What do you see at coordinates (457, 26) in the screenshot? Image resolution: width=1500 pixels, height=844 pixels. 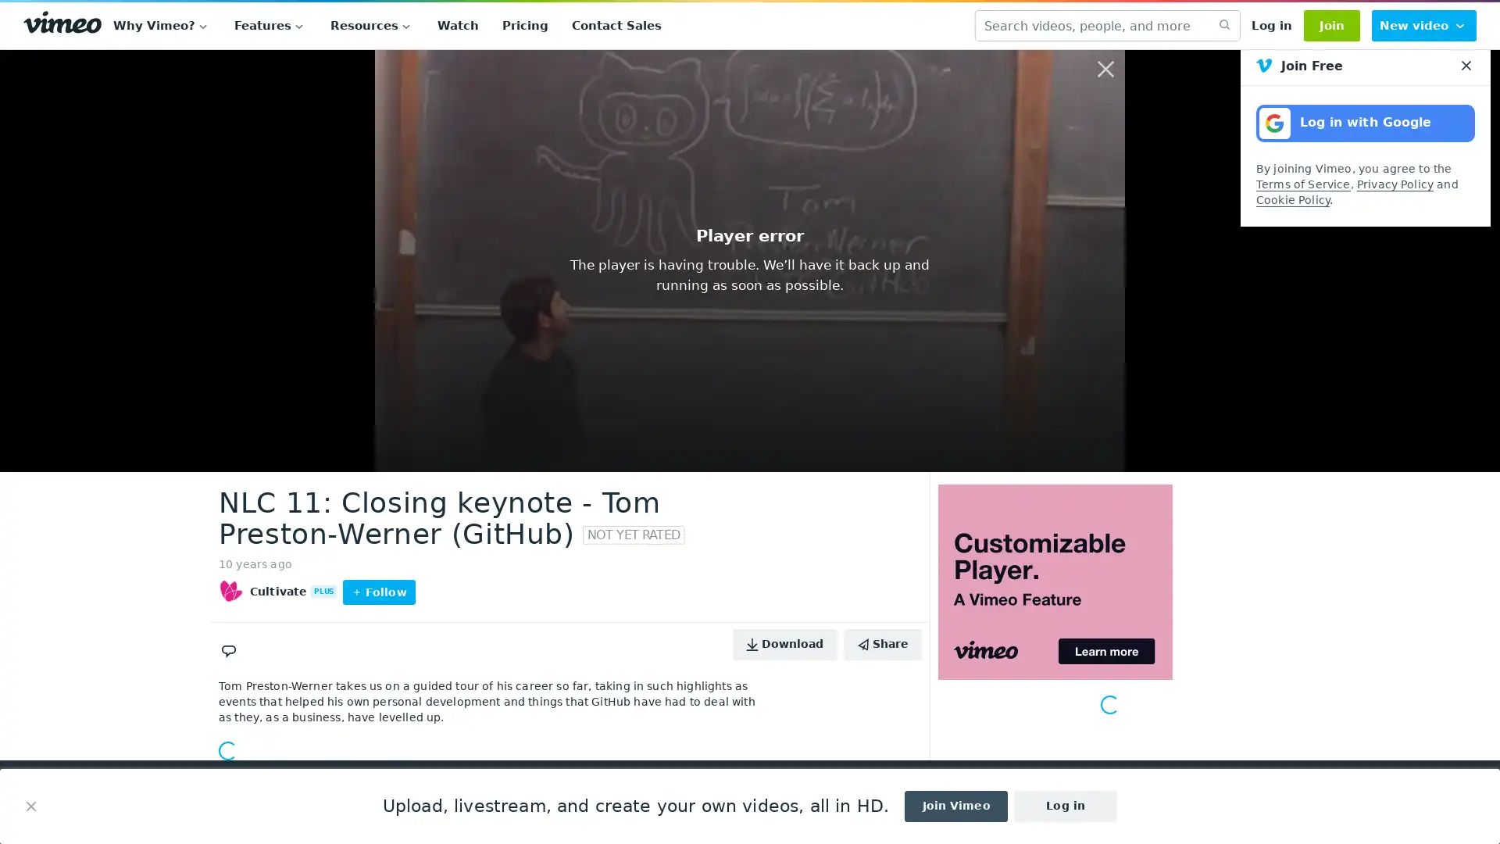 I see `Watch` at bounding box center [457, 26].